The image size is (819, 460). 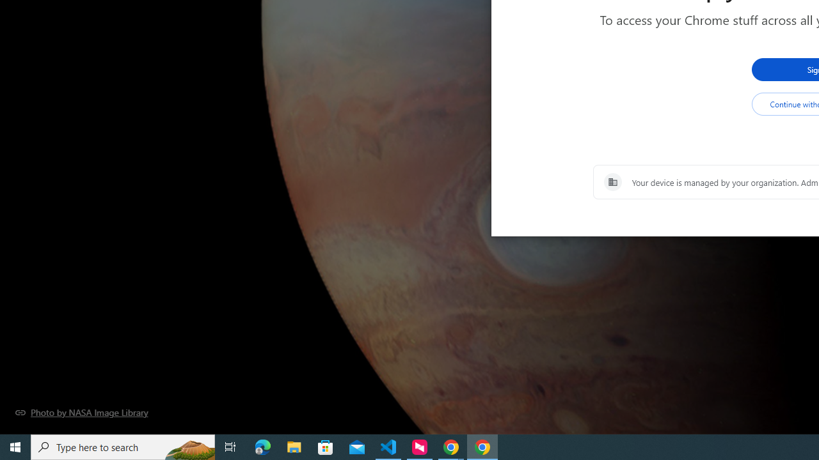 I want to click on 'Task View', so click(x=230, y=446).